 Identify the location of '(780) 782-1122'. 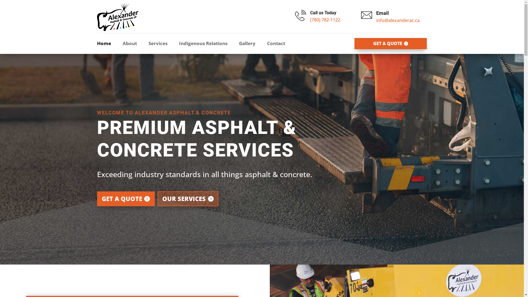
(325, 20).